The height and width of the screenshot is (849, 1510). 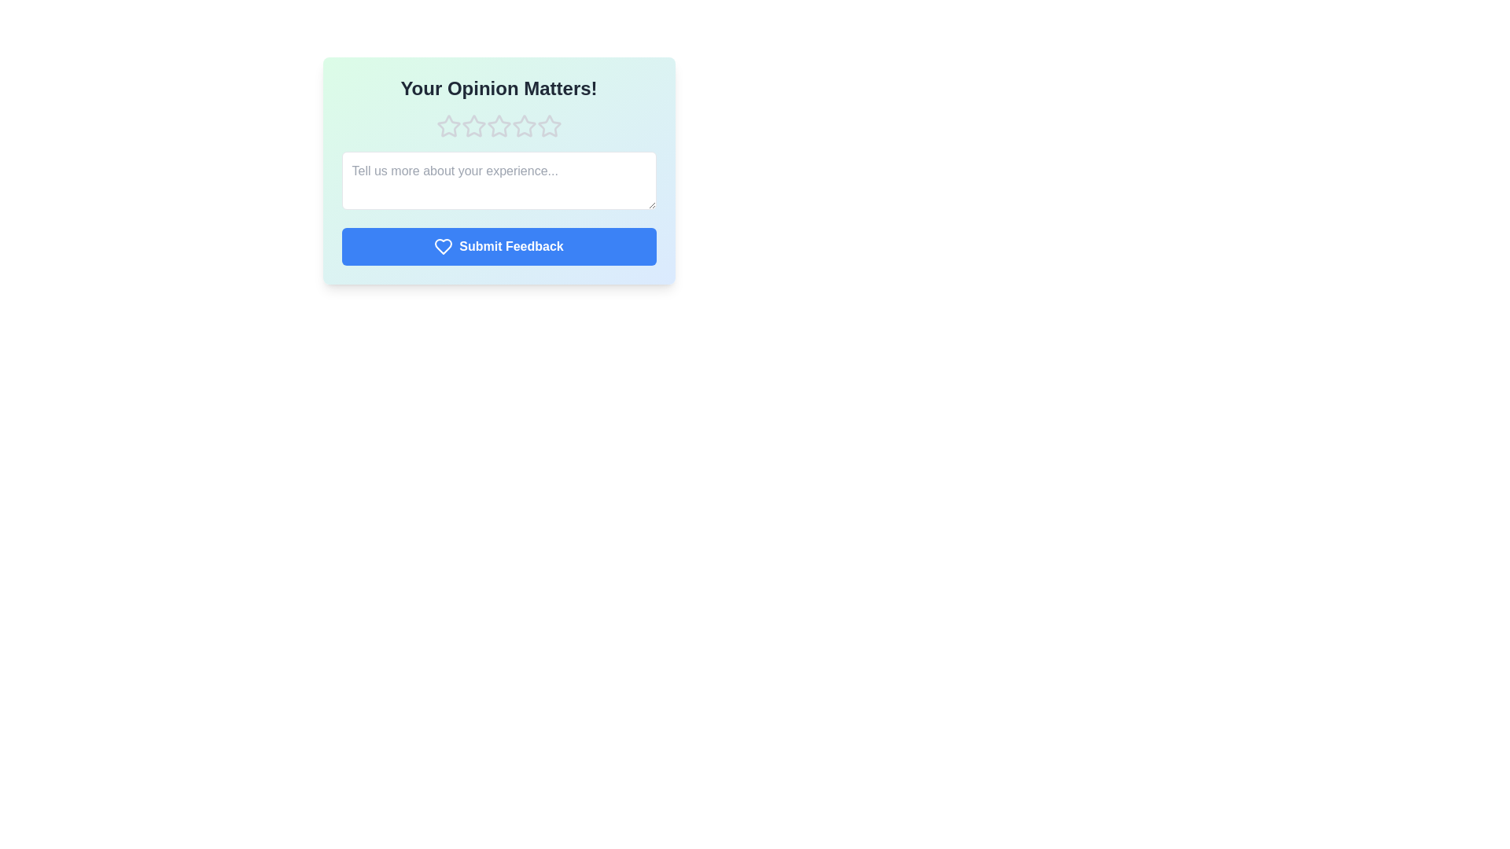 I want to click on the first star icon in the rating tool, so click(x=473, y=125).